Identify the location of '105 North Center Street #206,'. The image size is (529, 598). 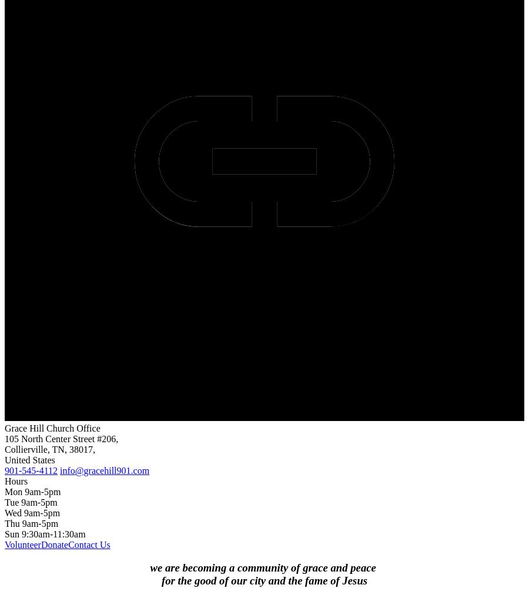
(61, 439).